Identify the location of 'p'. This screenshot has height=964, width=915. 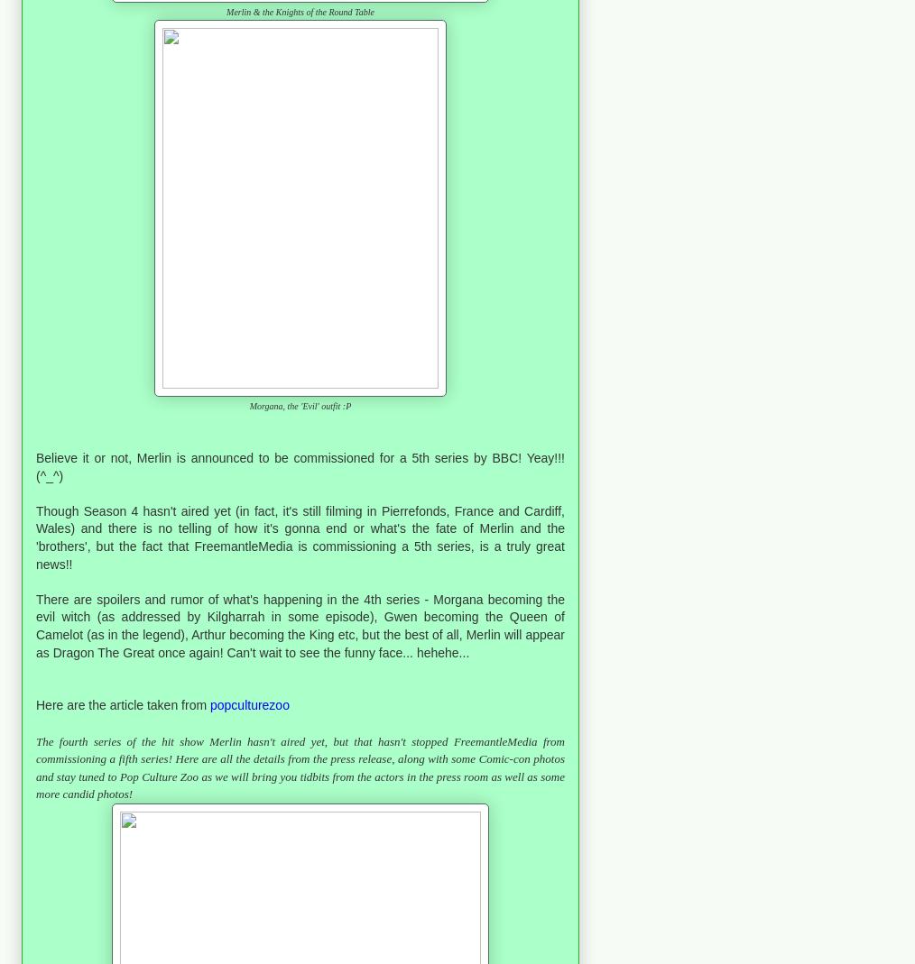
(208, 704).